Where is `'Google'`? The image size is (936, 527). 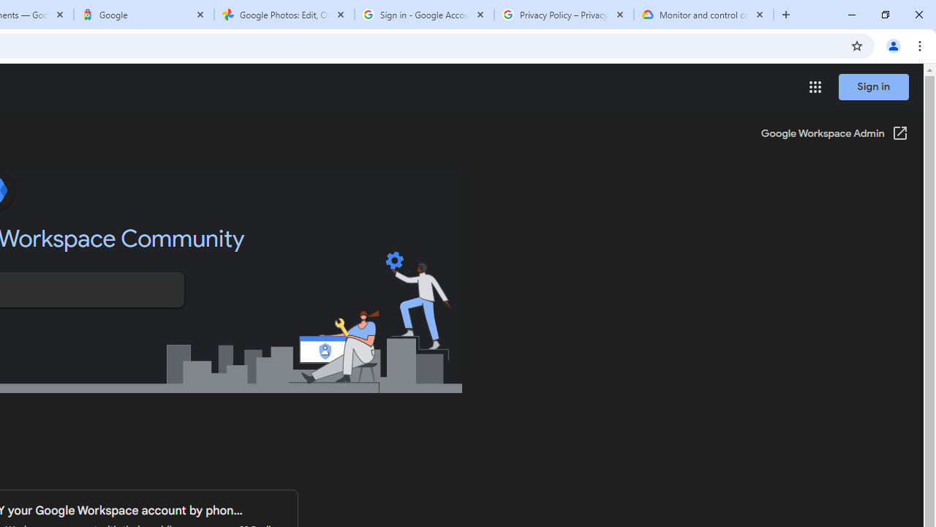 'Google' is located at coordinates (144, 15).